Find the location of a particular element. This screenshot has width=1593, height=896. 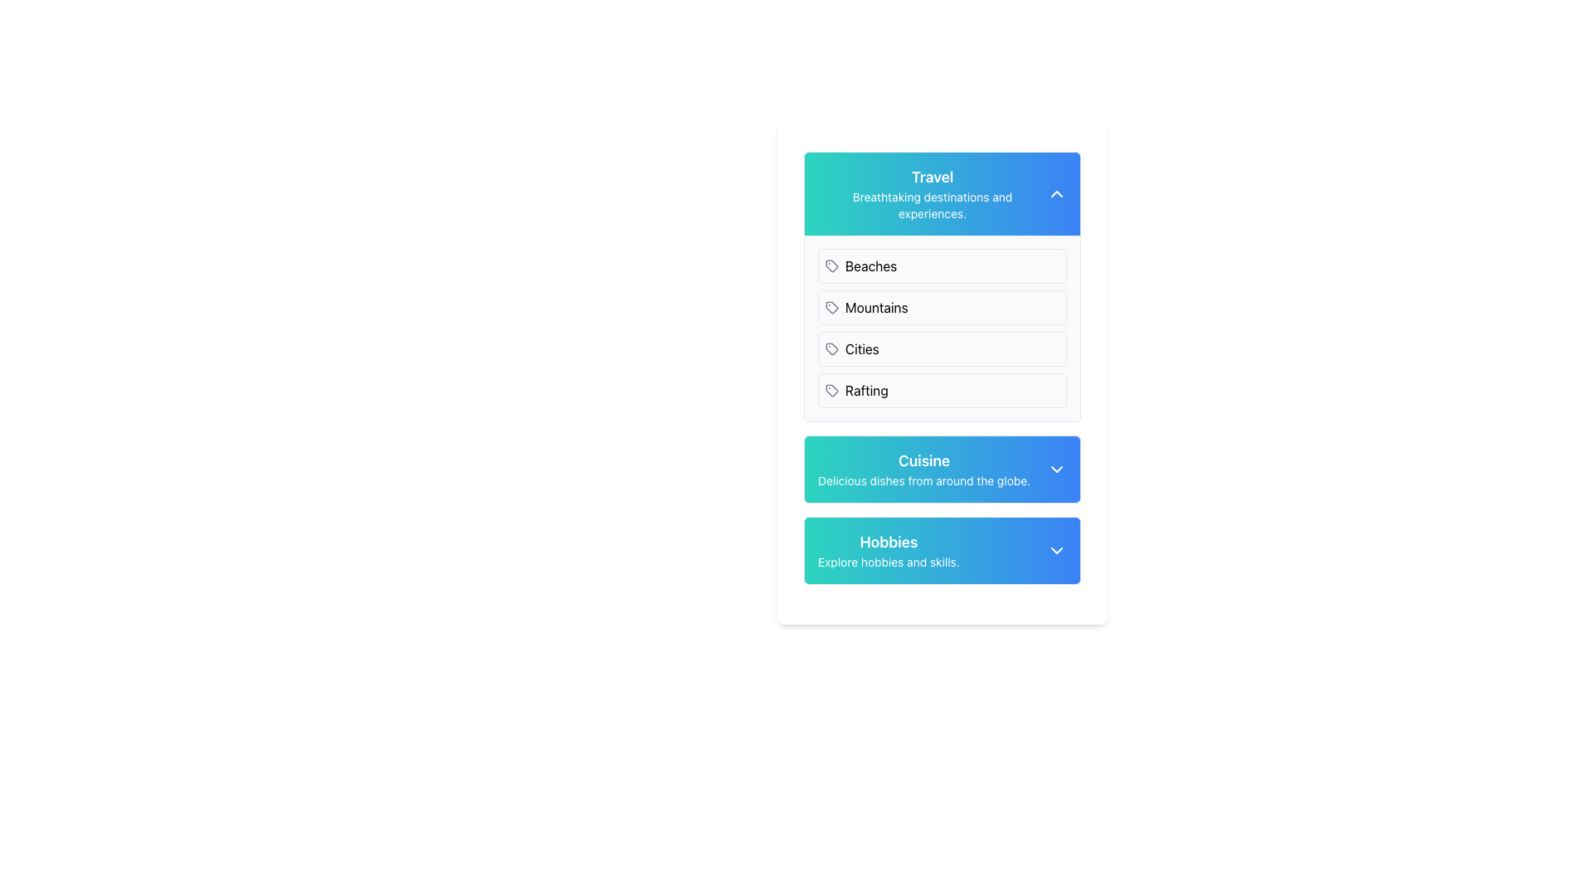

the 'Cuisine' expandable menu option, which features a gradient background and contains the title 'Cuisine' in bold with a right-pointing arrow for expandability is located at coordinates (943, 470).